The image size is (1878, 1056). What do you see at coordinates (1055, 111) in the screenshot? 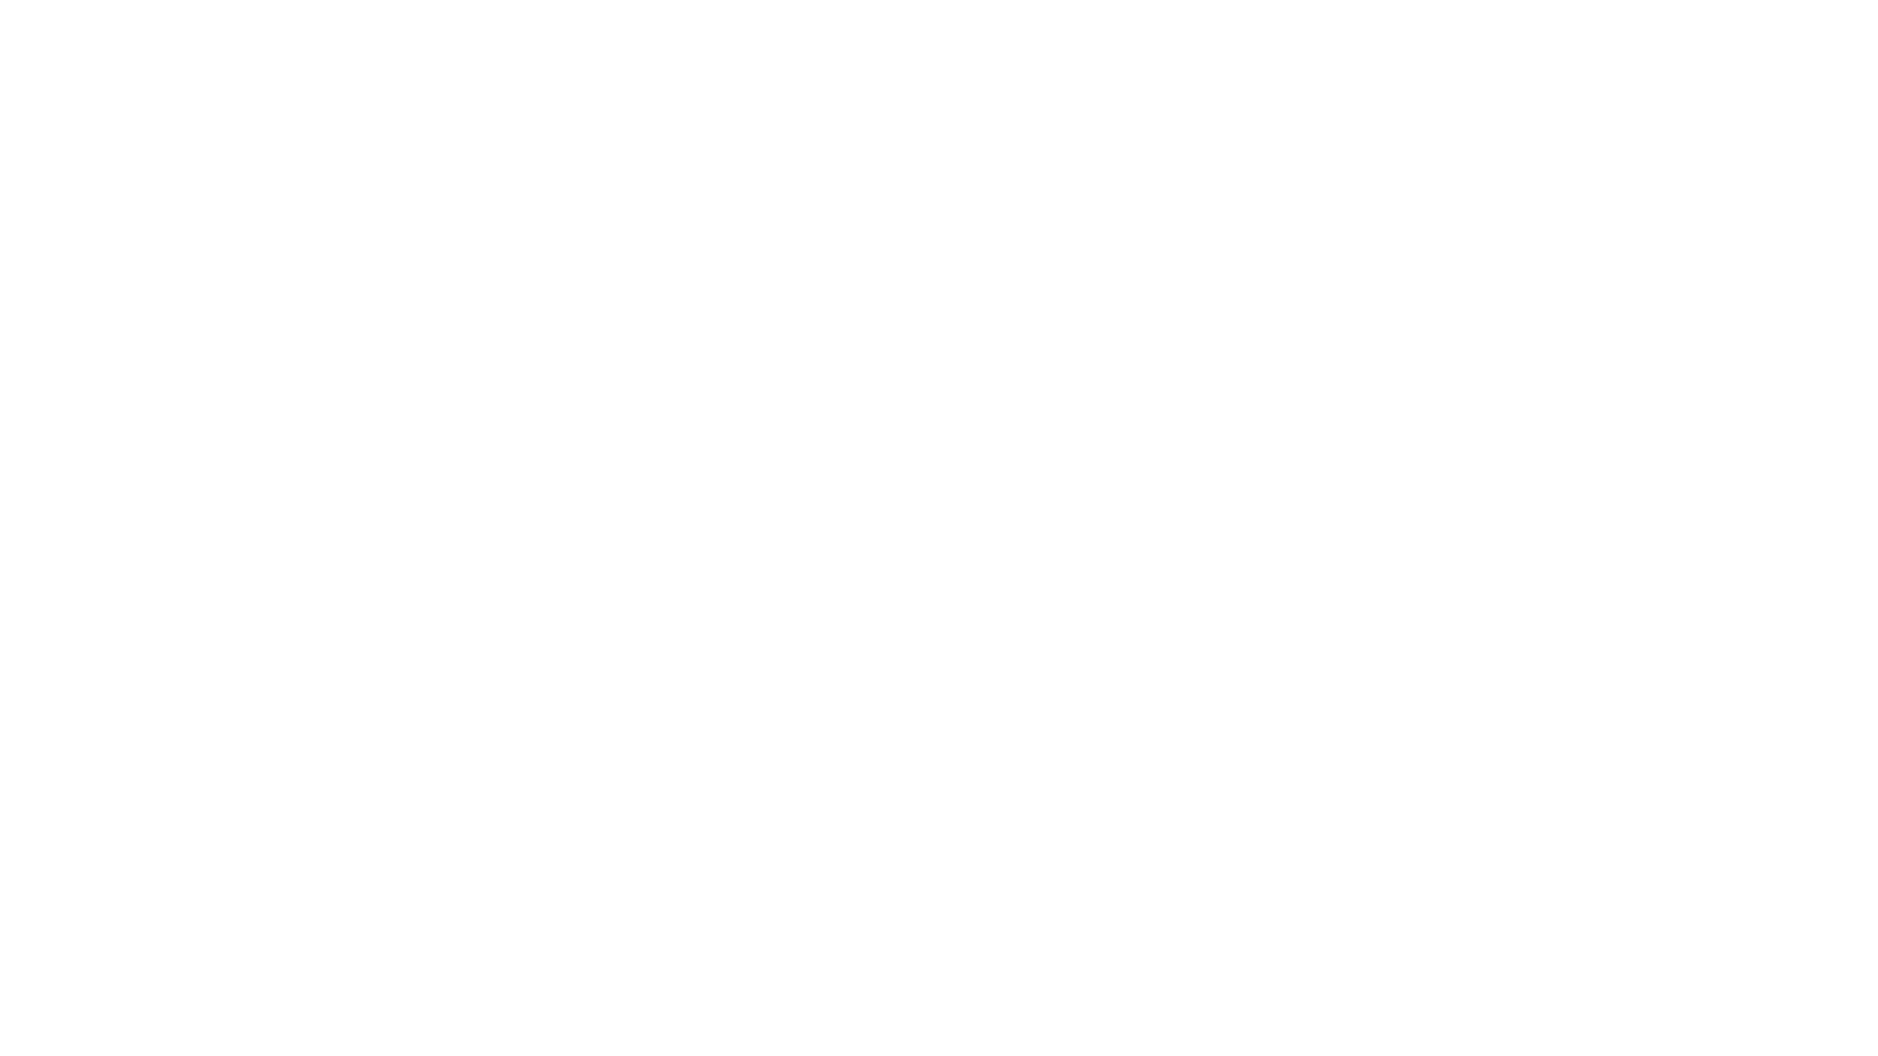
I see `Follow` at bounding box center [1055, 111].